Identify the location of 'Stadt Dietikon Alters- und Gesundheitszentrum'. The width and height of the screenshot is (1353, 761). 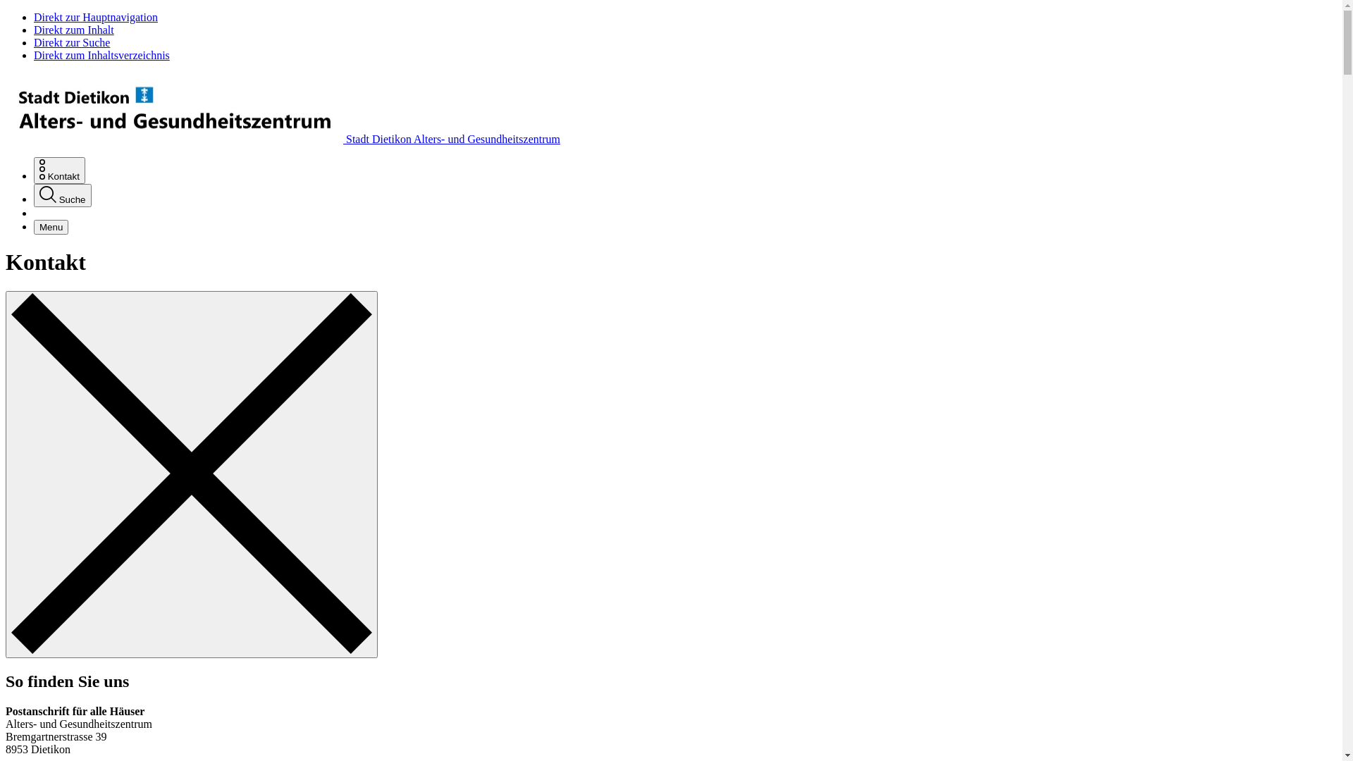
(282, 139).